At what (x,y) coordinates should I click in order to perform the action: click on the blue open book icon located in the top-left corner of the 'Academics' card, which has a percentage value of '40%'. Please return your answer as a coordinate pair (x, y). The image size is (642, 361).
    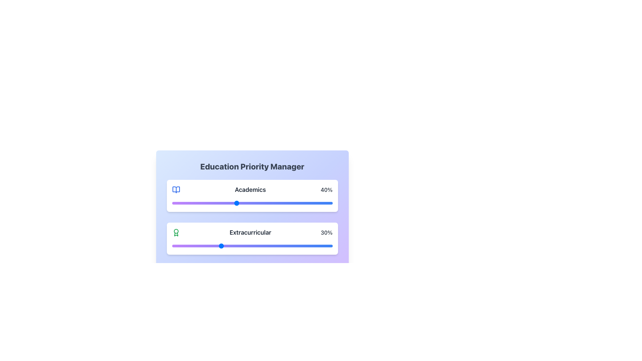
    Looking at the image, I should click on (176, 190).